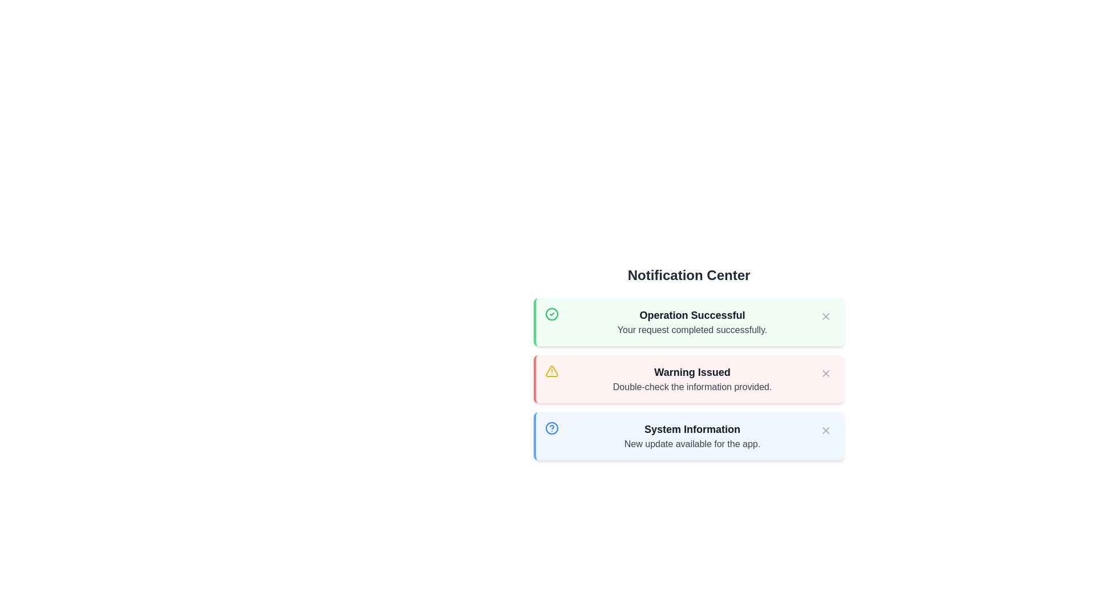 This screenshot has width=1096, height=616. I want to click on the help icon located to the left of the 'System Information' text in the notification box, so click(551, 428).